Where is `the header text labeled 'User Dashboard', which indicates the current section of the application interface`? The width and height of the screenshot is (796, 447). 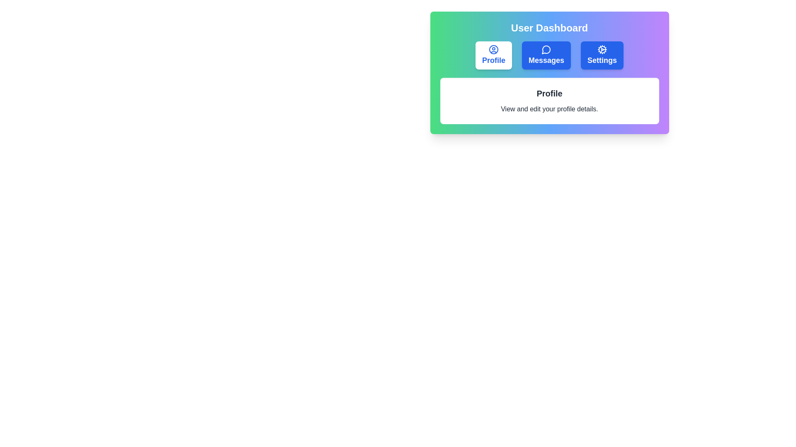
the header text labeled 'User Dashboard', which indicates the current section of the application interface is located at coordinates (549, 28).